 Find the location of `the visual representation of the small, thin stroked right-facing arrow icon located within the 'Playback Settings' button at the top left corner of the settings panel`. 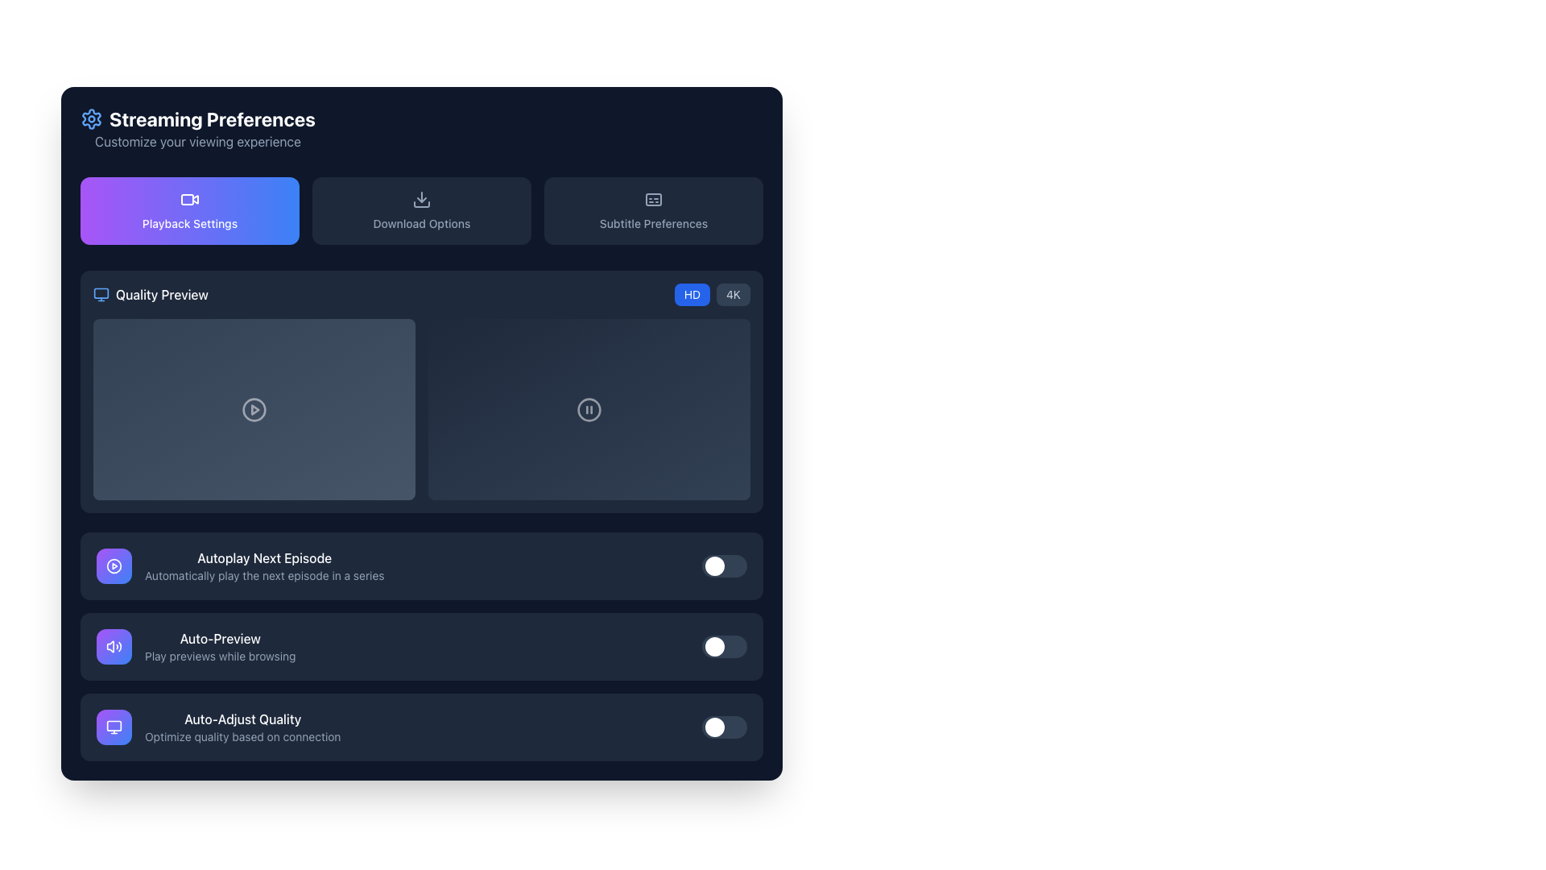

the visual representation of the small, thin stroked right-facing arrow icon located within the 'Playback Settings' button at the top left corner of the settings panel is located at coordinates (195, 197).